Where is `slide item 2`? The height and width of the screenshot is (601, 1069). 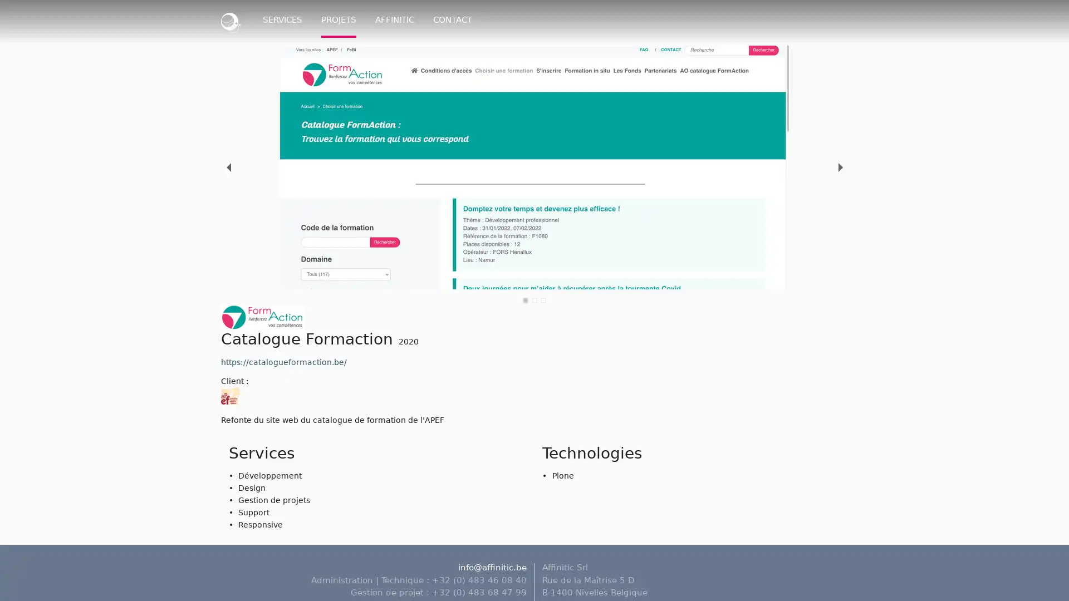 slide item 2 is located at coordinates (534, 362).